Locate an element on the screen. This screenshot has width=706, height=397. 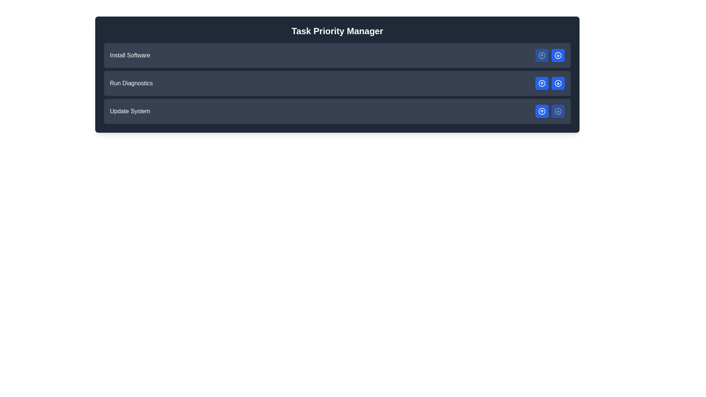
the label indicating 'Run Diagnostics' in the middle row of the interactive list is located at coordinates (131, 83).